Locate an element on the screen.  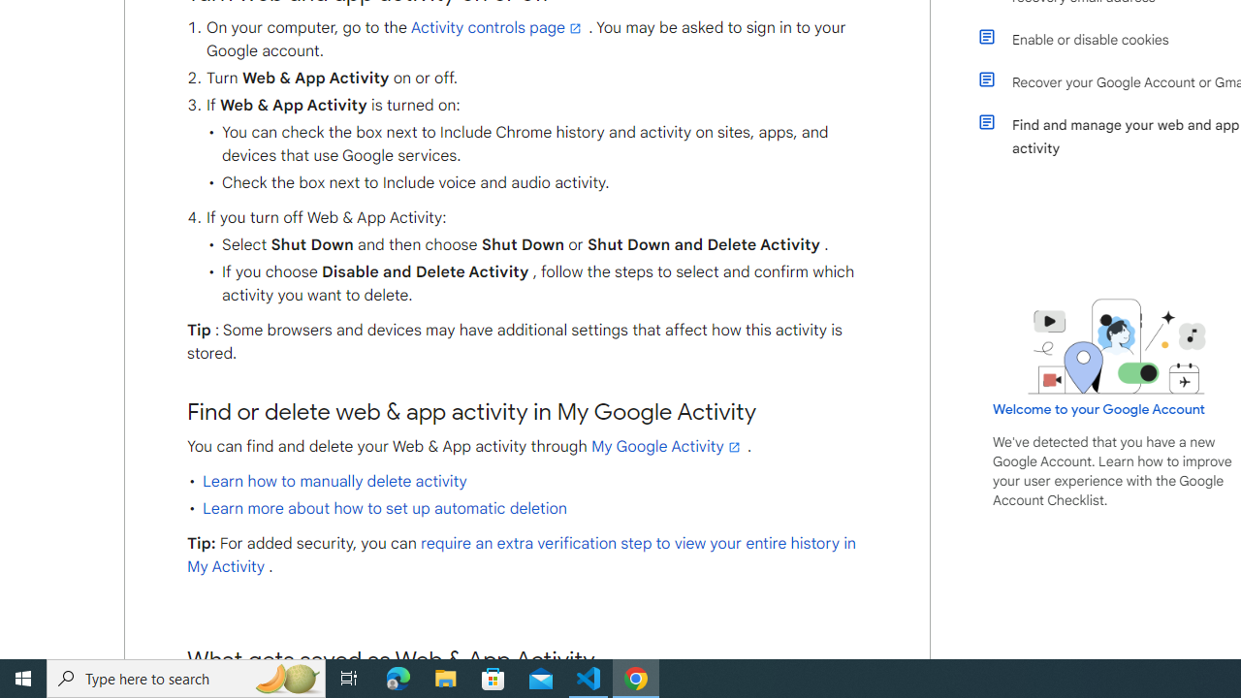
'My Google Activity' is located at coordinates (667, 446).